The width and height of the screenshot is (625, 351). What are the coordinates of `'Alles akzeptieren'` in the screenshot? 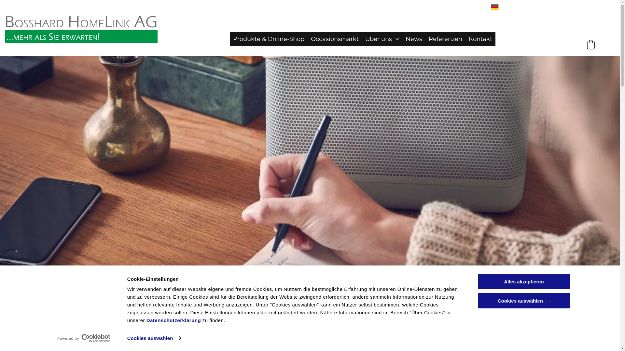 It's located at (477, 281).